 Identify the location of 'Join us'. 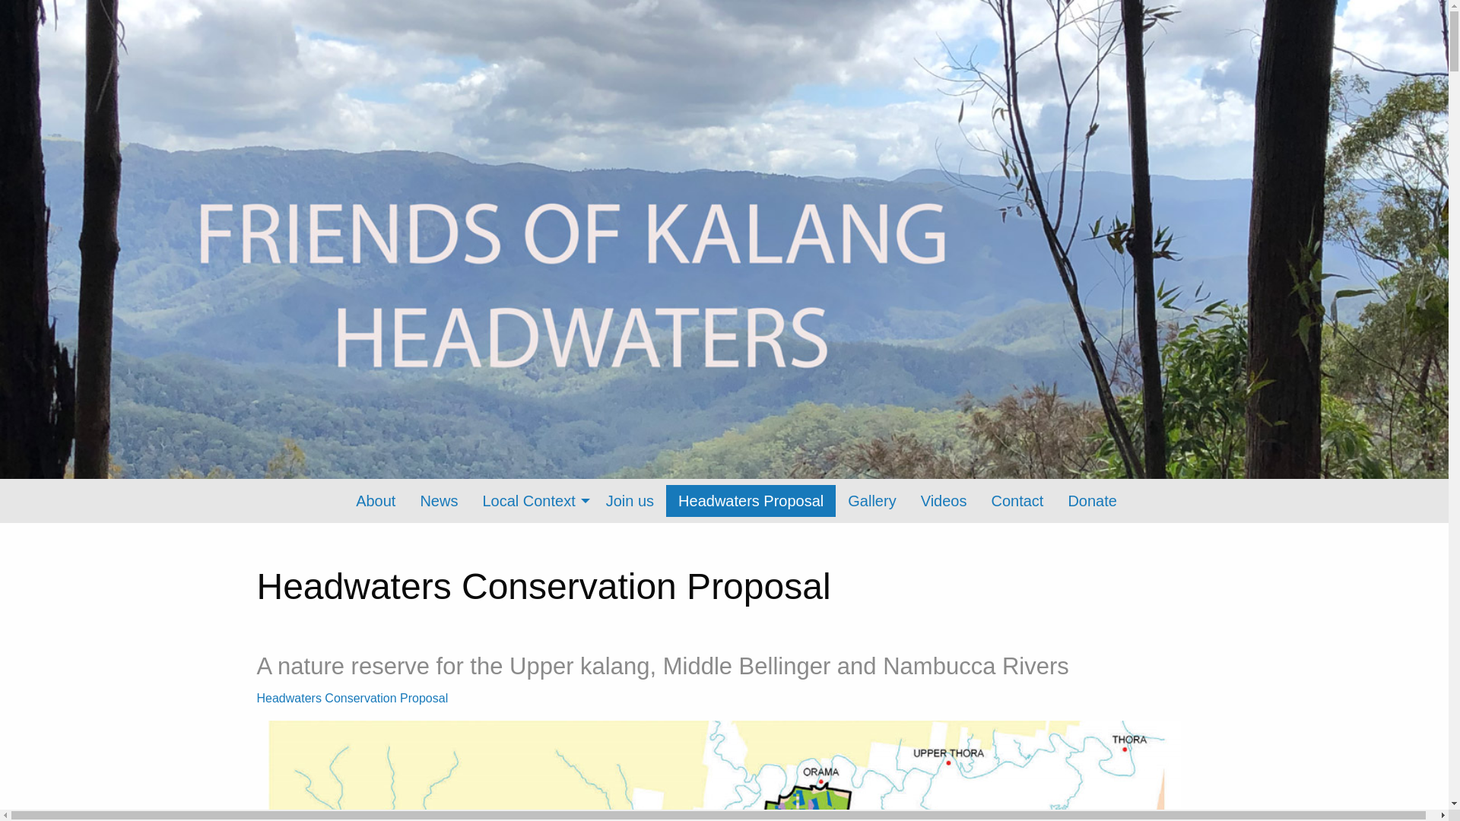
(630, 501).